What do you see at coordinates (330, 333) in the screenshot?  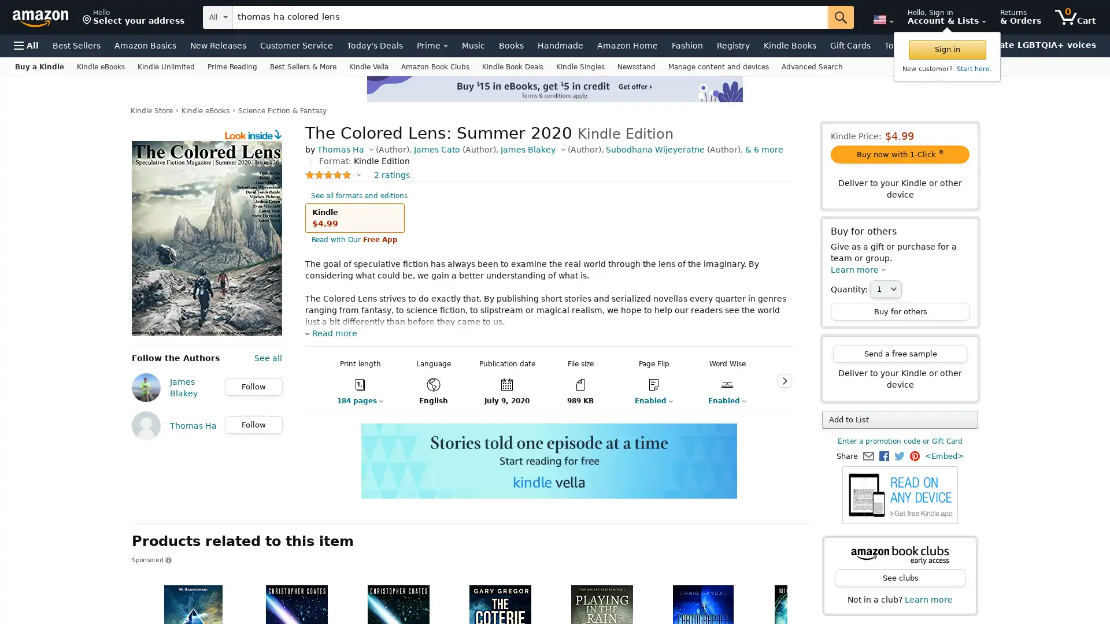 I see `Read more` at bounding box center [330, 333].